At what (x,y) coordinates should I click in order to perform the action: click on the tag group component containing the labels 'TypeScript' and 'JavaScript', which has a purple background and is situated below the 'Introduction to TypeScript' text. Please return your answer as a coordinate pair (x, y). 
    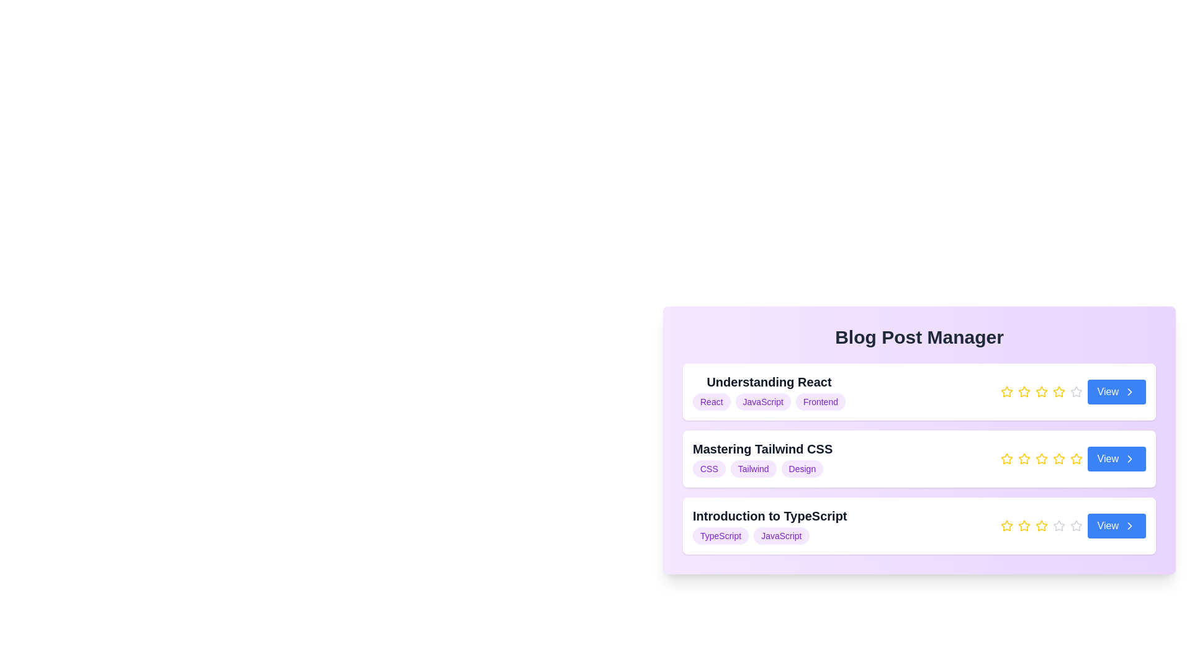
    Looking at the image, I should click on (769, 535).